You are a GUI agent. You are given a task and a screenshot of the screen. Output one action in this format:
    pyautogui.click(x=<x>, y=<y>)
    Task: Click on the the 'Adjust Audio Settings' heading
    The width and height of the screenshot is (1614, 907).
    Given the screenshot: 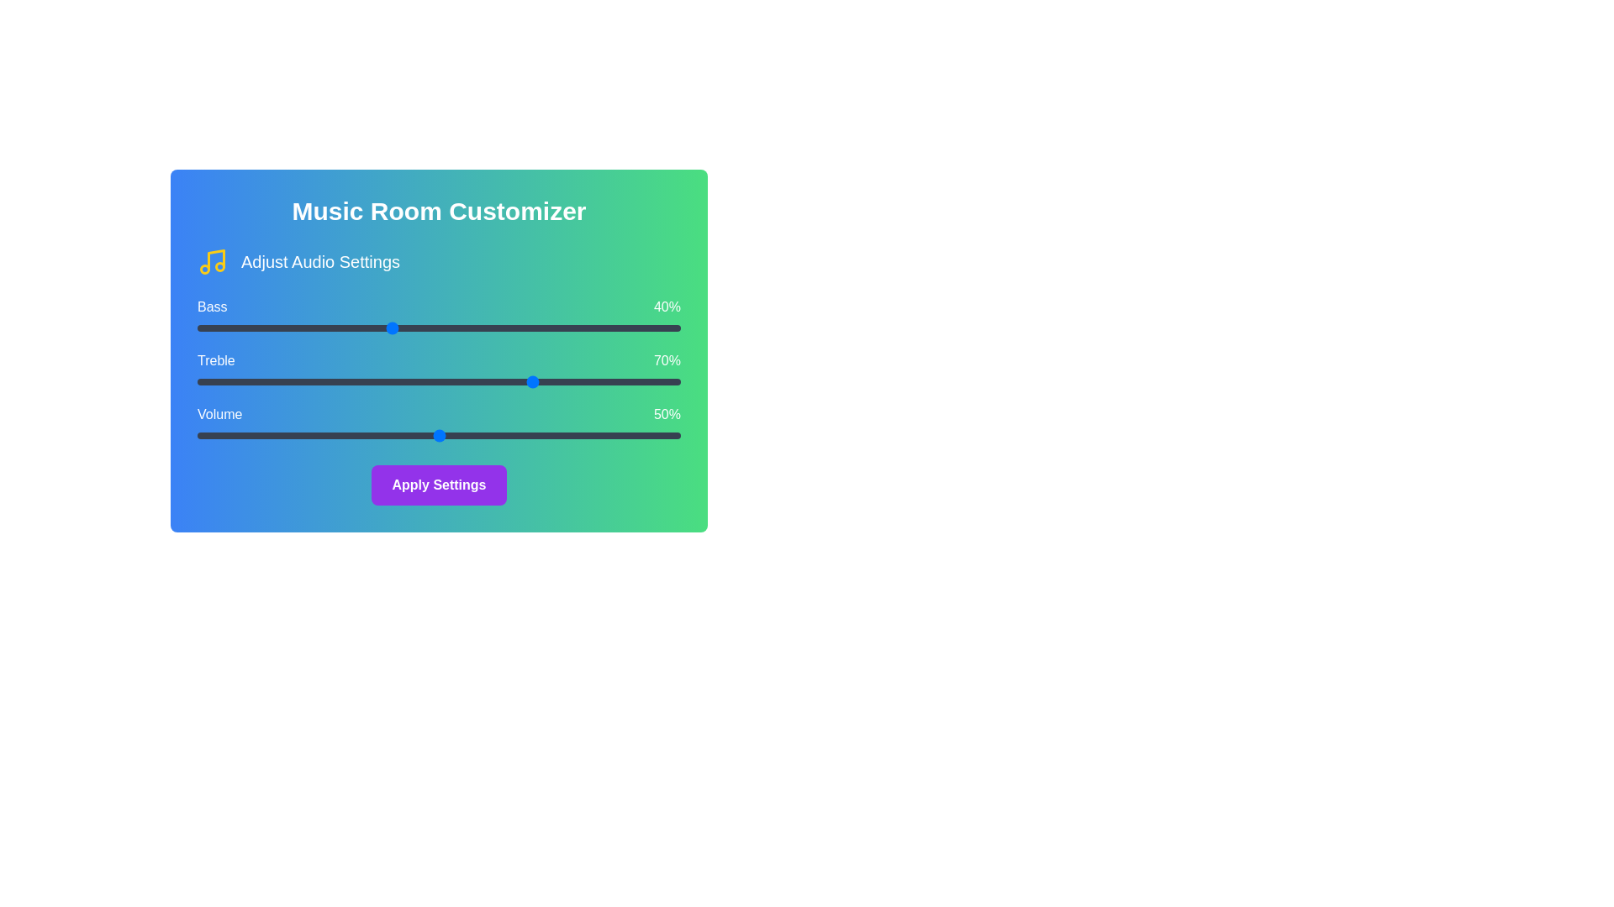 What is the action you would take?
    pyautogui.click(x=319, y=262)
    